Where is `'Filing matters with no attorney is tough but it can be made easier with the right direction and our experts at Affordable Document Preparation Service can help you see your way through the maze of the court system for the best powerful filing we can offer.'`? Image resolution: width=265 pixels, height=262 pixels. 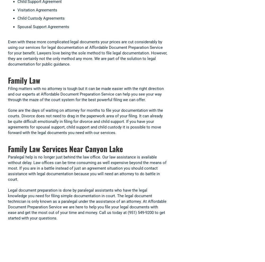 'Filing matters with no attorney is tough but it can be made easier with the right direction and our experts at Affordable Document Preparation Service can help you see your way through the maze of the court system for the best powerful filing we can offer.' is located at coordinates (8, 94).